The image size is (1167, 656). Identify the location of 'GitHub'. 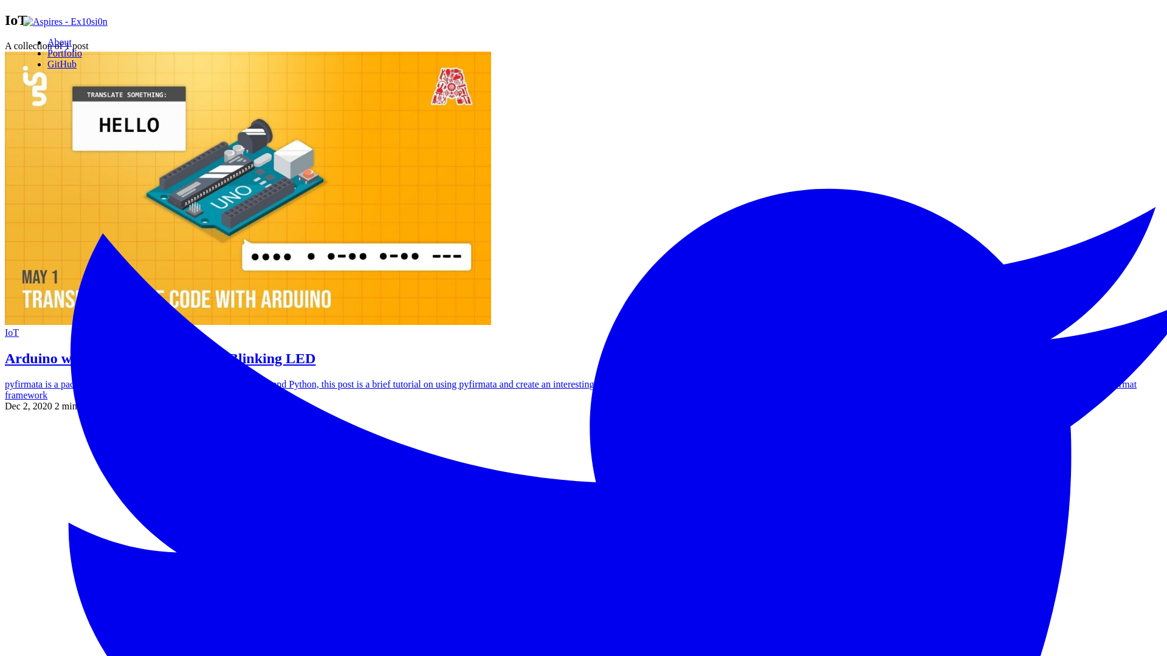
(47, 64).